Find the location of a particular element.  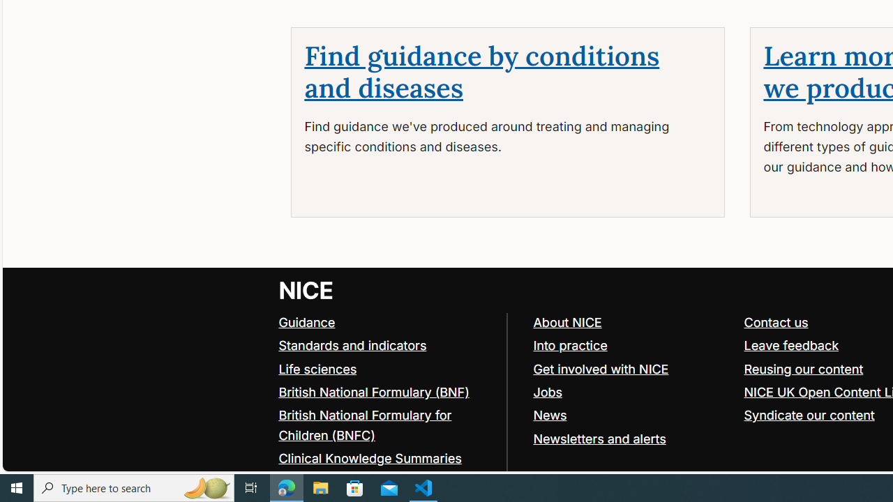

'About NICE' is located at coordinates (567, 321).